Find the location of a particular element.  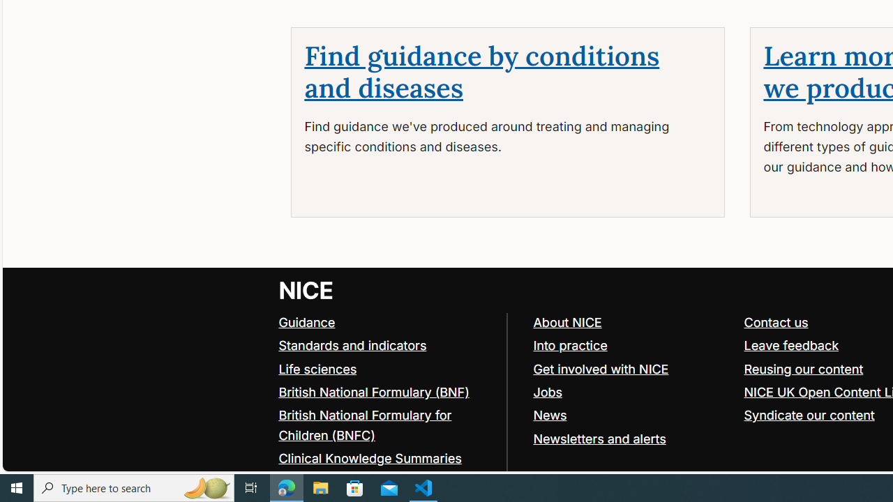

'About NICE' is located at coordinates (567, 321).